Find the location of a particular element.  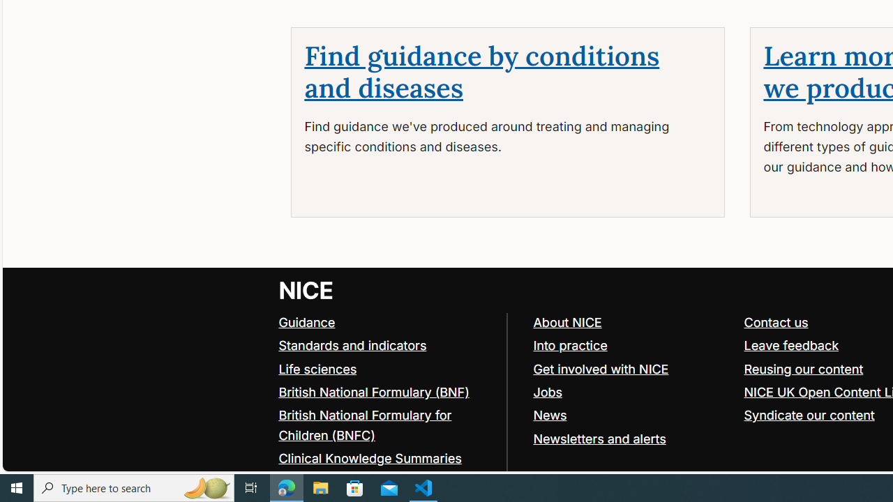

'About NICE' is located at coordinates (567, 321).